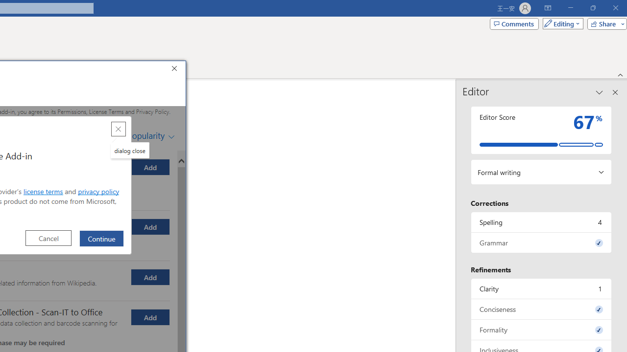 Image resolution: width=627 pixels, height=352 pixels. I want to click on 'Formality, 0 issues. Press space or enter to review items.', so click(541, 330).